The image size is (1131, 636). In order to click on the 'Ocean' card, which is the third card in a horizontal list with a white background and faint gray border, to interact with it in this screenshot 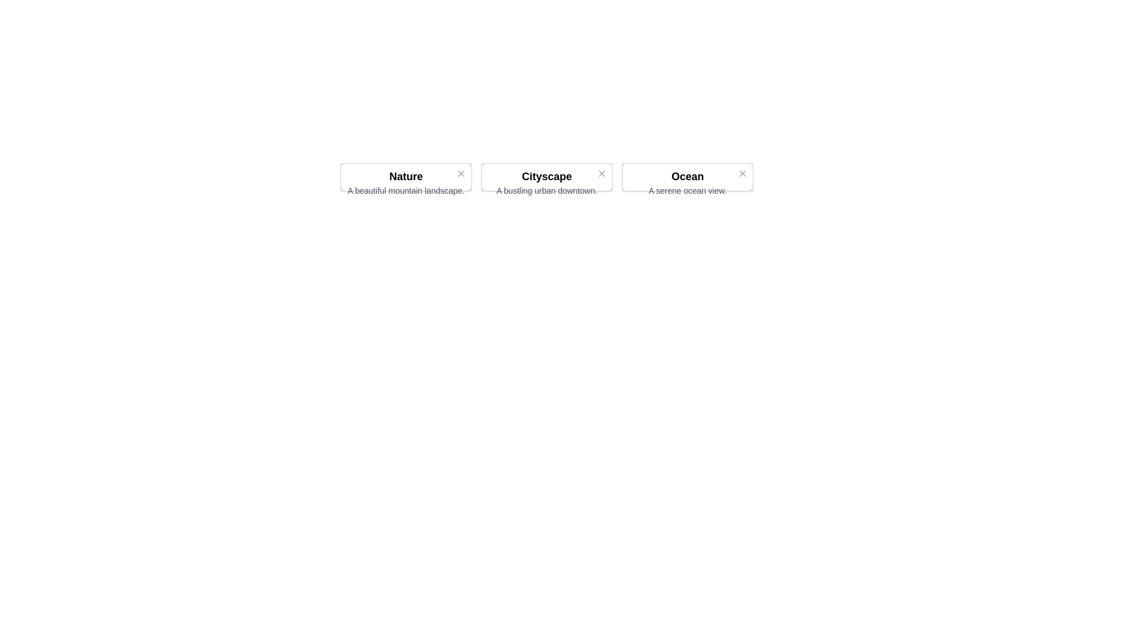, I will do `click(687, 177)`.